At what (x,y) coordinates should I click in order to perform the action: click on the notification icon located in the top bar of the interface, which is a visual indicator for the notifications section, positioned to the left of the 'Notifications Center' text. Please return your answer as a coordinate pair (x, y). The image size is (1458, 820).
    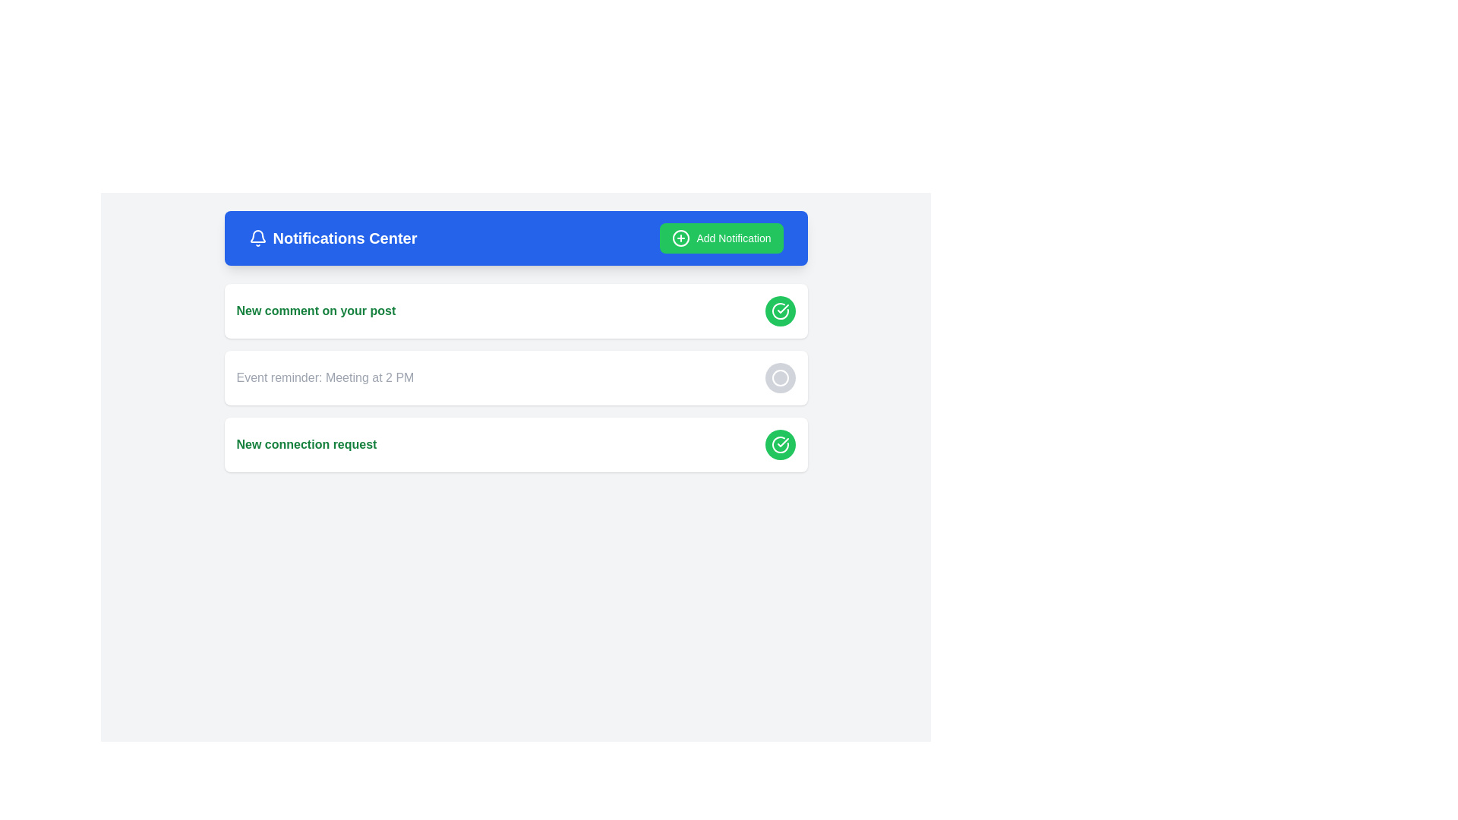
    Looking at the image, I should click on (257, 236).